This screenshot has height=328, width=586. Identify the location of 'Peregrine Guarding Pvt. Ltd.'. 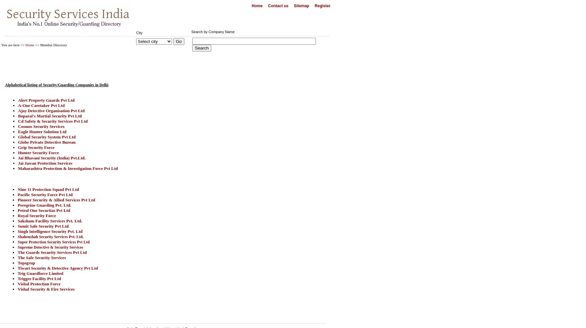
(44, 205).